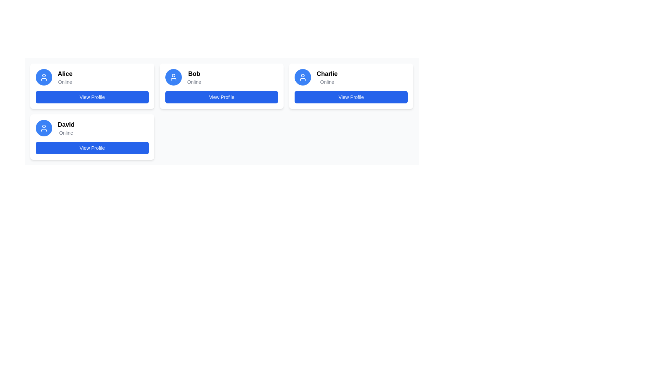 This screenshot has width=660, height=371. I want to click on the avatar representing the user profile, which is the leftmost component in the second column of the horizontally distributed list of cards, positioned before the text 'Bob' and 'Online', so click(173, 77).